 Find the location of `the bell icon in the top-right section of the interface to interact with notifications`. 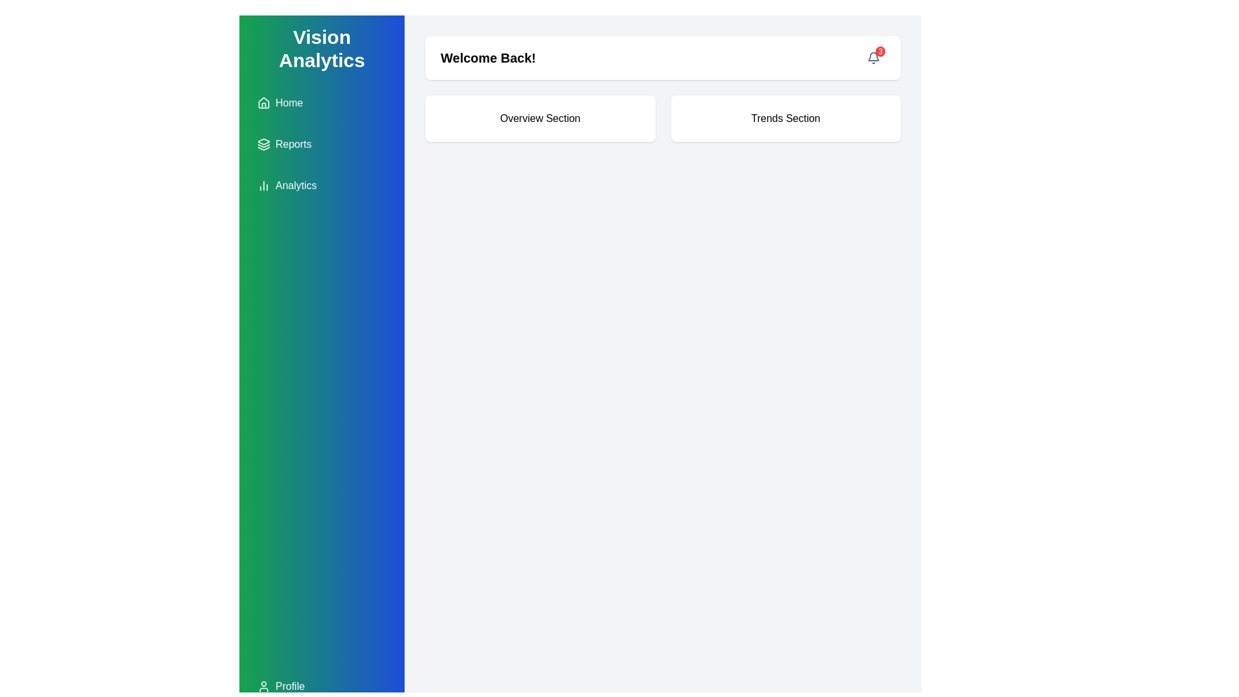

the bell icon in the top-right section of the interface to interact with notifications is located at coordinates (873, 56).